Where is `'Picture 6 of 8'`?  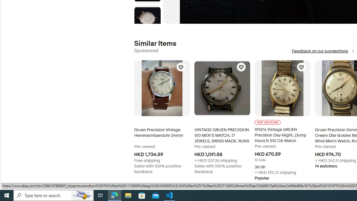 'Picture 6 of 8' is located at coordinates (147, 19).